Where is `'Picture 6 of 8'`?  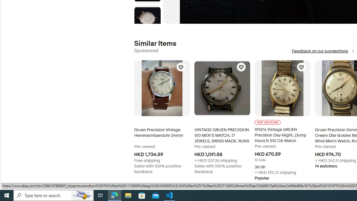 'Picture 6 of 8' is located at coordinates (147, 19).